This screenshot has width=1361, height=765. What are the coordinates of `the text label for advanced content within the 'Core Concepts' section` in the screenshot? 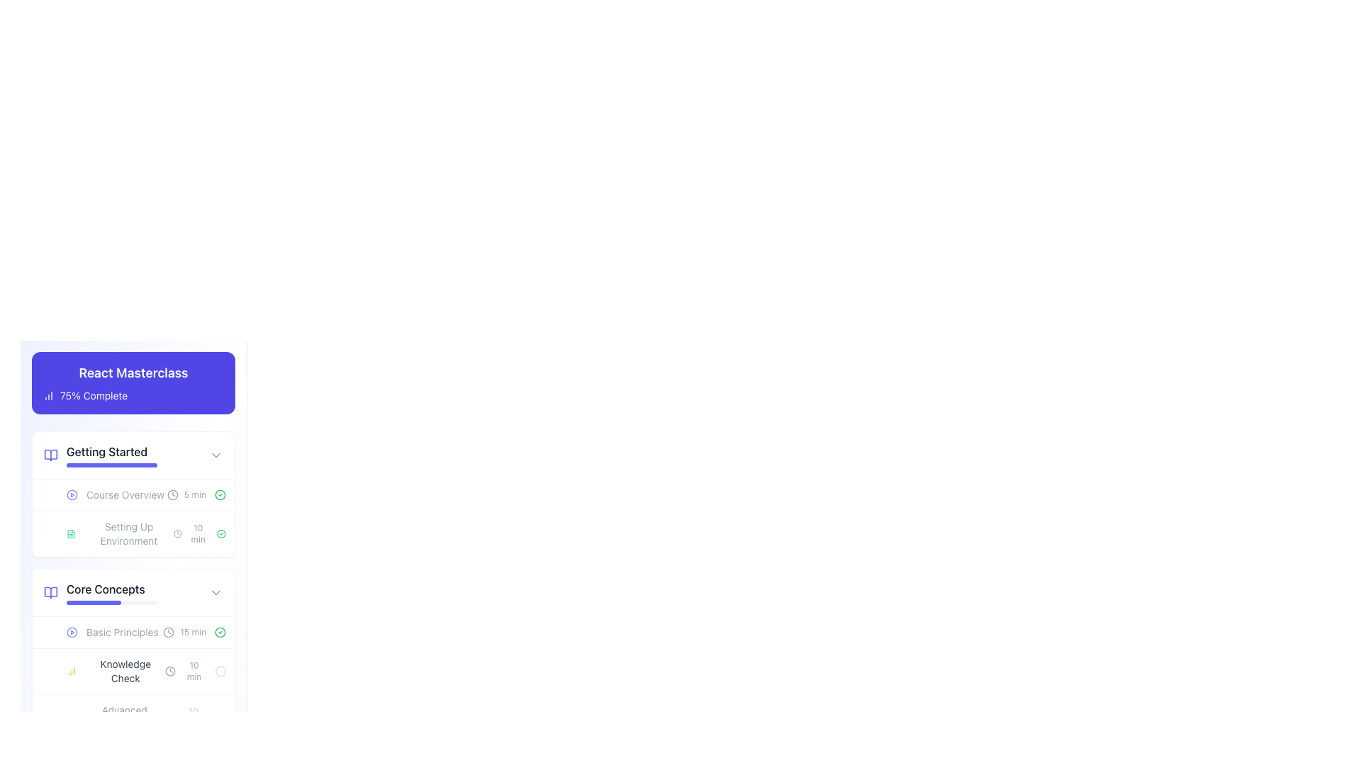 It's located at (114, 718).